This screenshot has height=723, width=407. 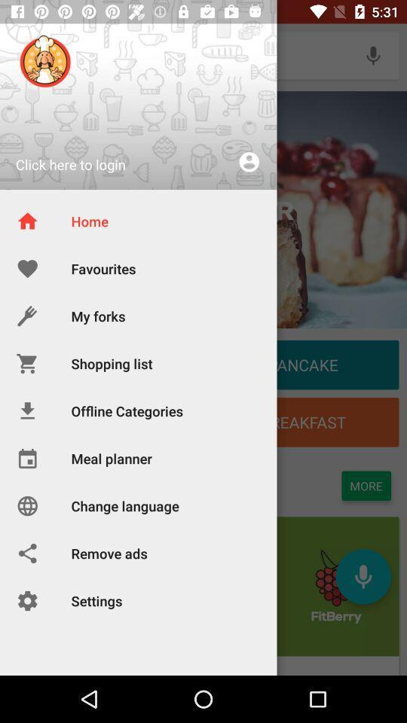 I want to click on the microphone icon, so click(x=372, y=55).